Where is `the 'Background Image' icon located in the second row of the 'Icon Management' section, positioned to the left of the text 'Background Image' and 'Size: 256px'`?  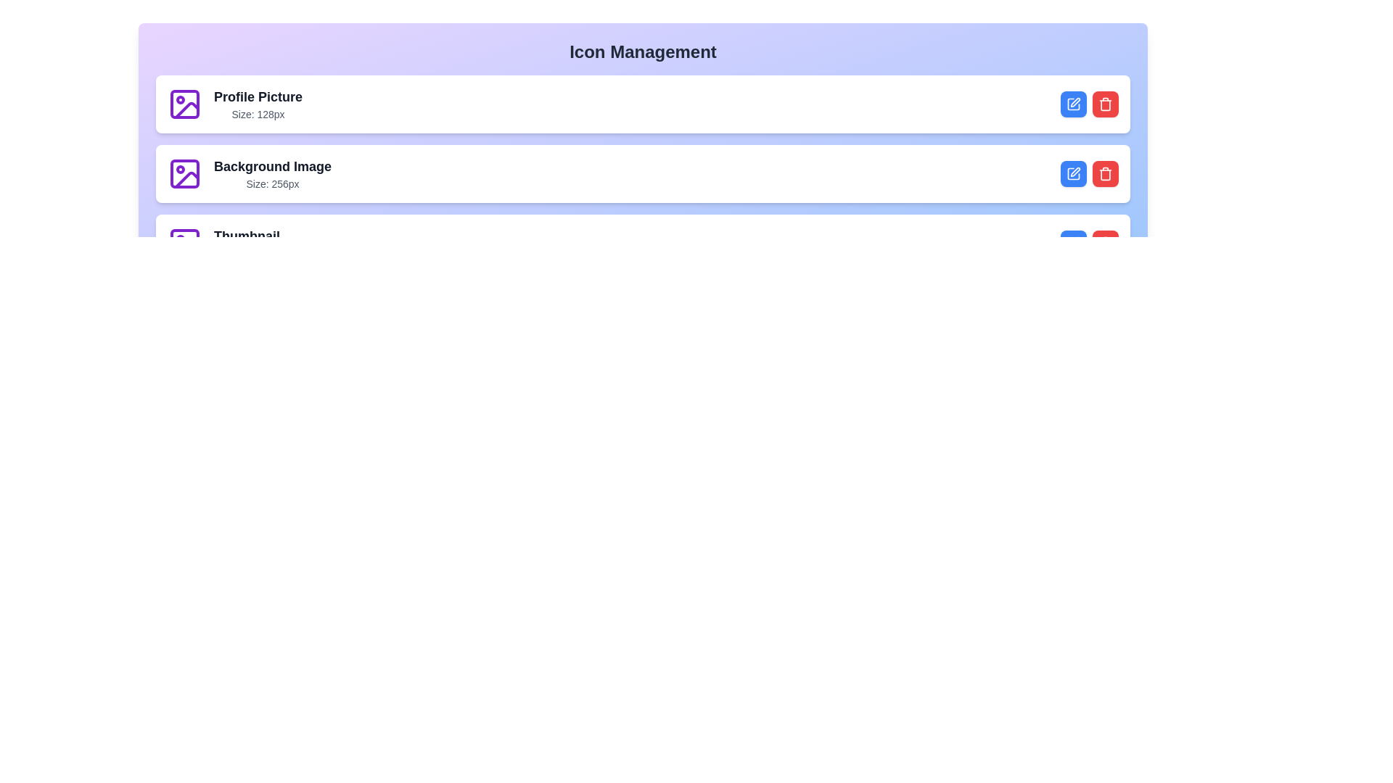 the 'Background Image' icon located in the second row of the 'Icon Management' section, positioned to the left of the text 'Background Image' and 'Size: 256px' is located at coordinates (184, 173).